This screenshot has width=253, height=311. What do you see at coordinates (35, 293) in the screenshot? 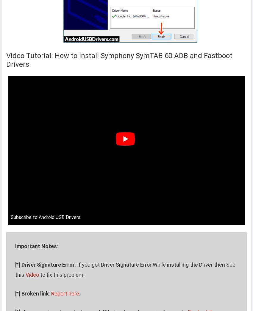
I see `'Broken link'` at bounding box center [35, 293].